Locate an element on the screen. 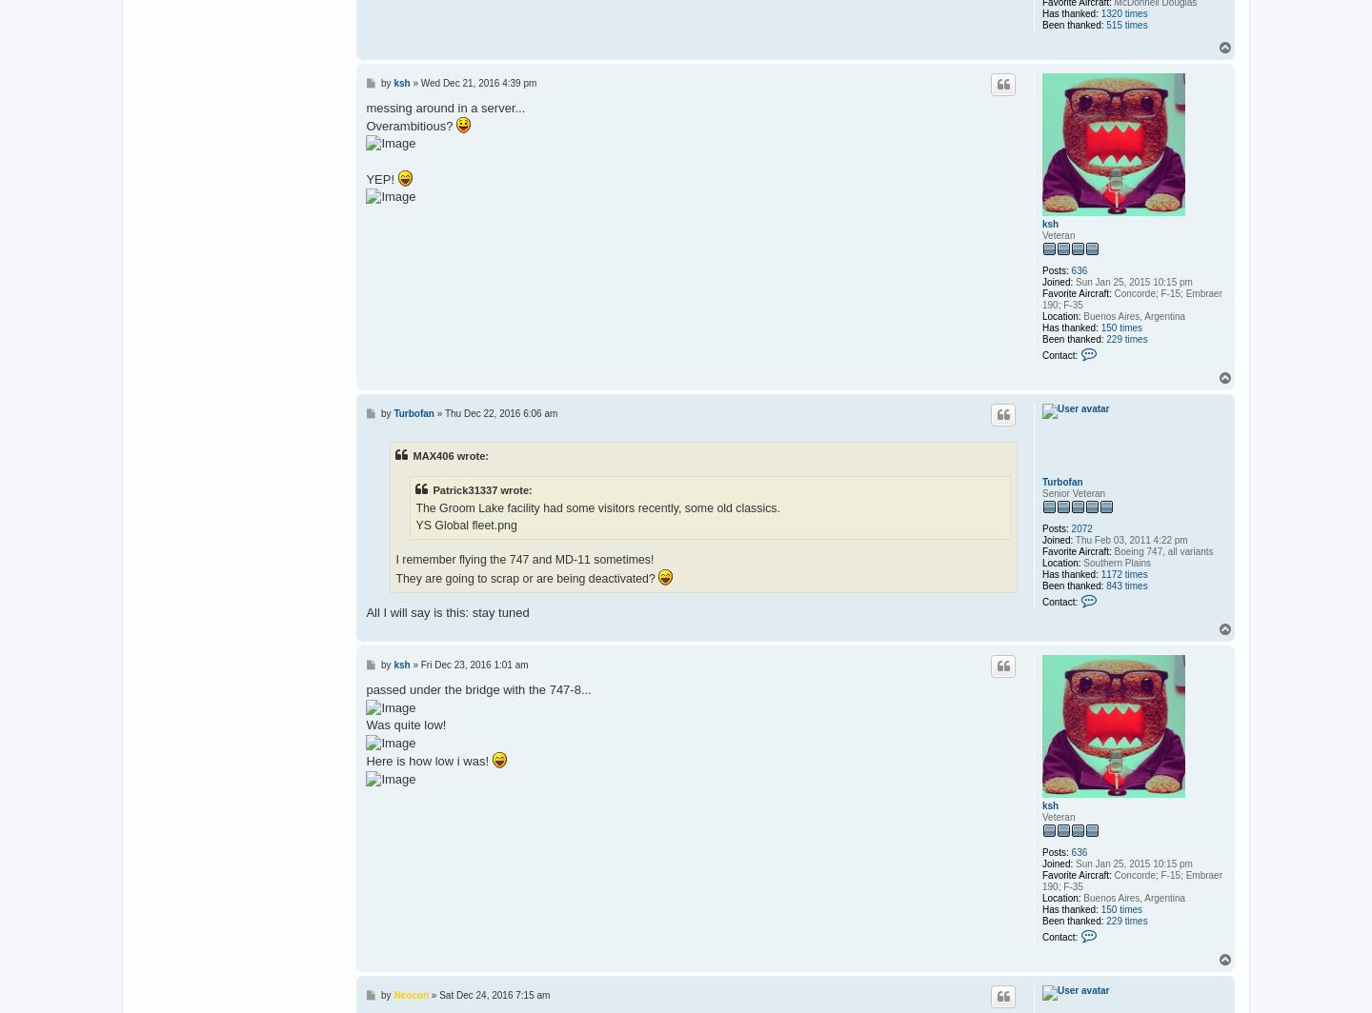 This screenshot has height=1013, width=1372. '843 times' is located at coordinates (1106, 586).